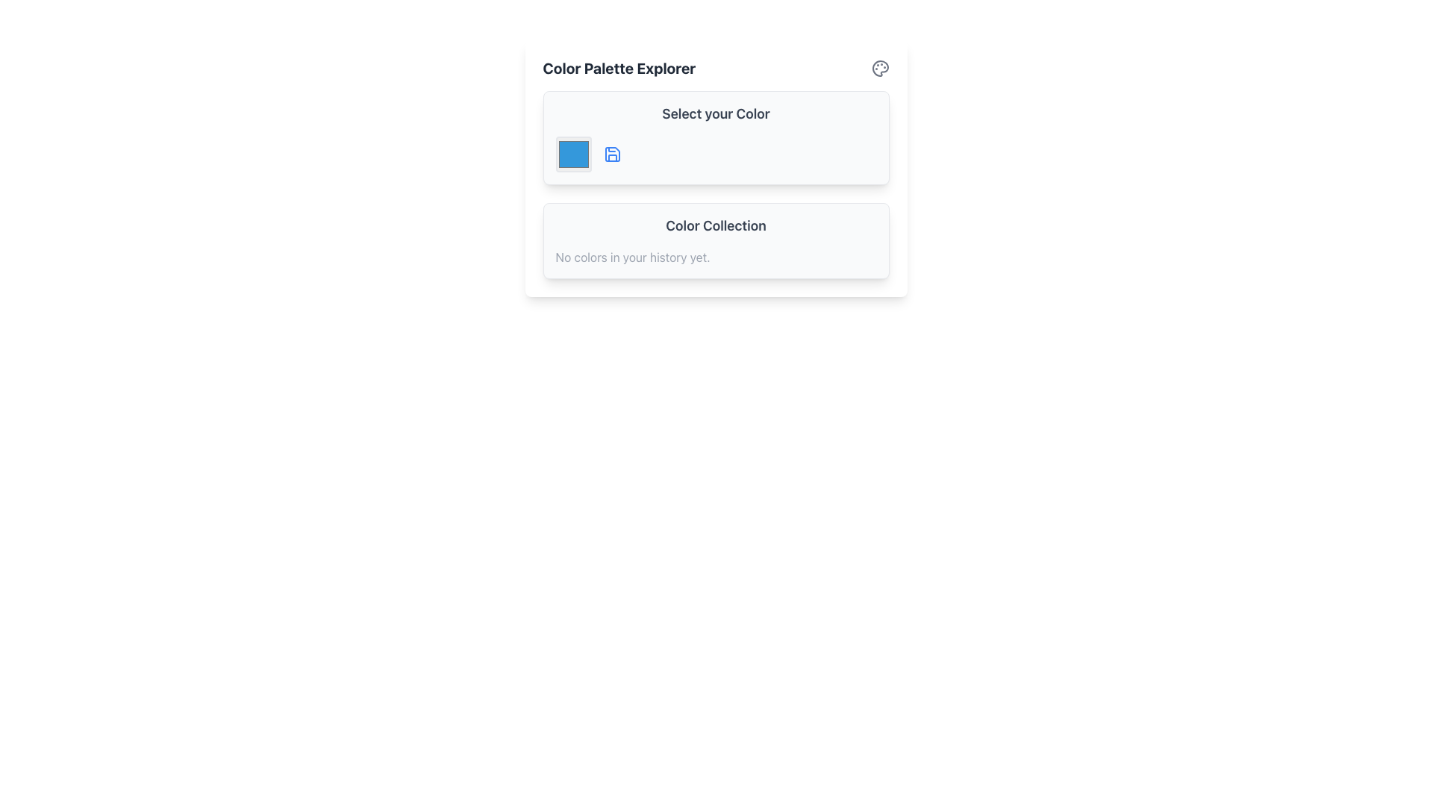  Describe the element at coordinates (633, 256) in the screenshot. I see `static text message in the 'Color Collection' section that informs the user that no colors are currently saved in their history` at that location.